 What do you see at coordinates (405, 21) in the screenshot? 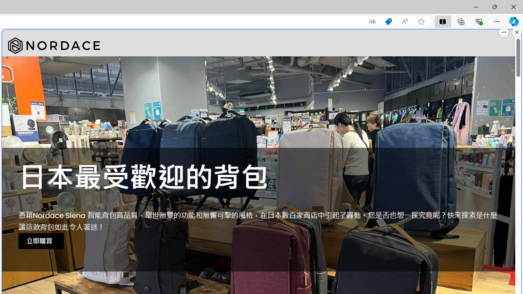
I see `'Read aloud this page (Ctrl+Shift+U)'` at bounding box center [405, 21].